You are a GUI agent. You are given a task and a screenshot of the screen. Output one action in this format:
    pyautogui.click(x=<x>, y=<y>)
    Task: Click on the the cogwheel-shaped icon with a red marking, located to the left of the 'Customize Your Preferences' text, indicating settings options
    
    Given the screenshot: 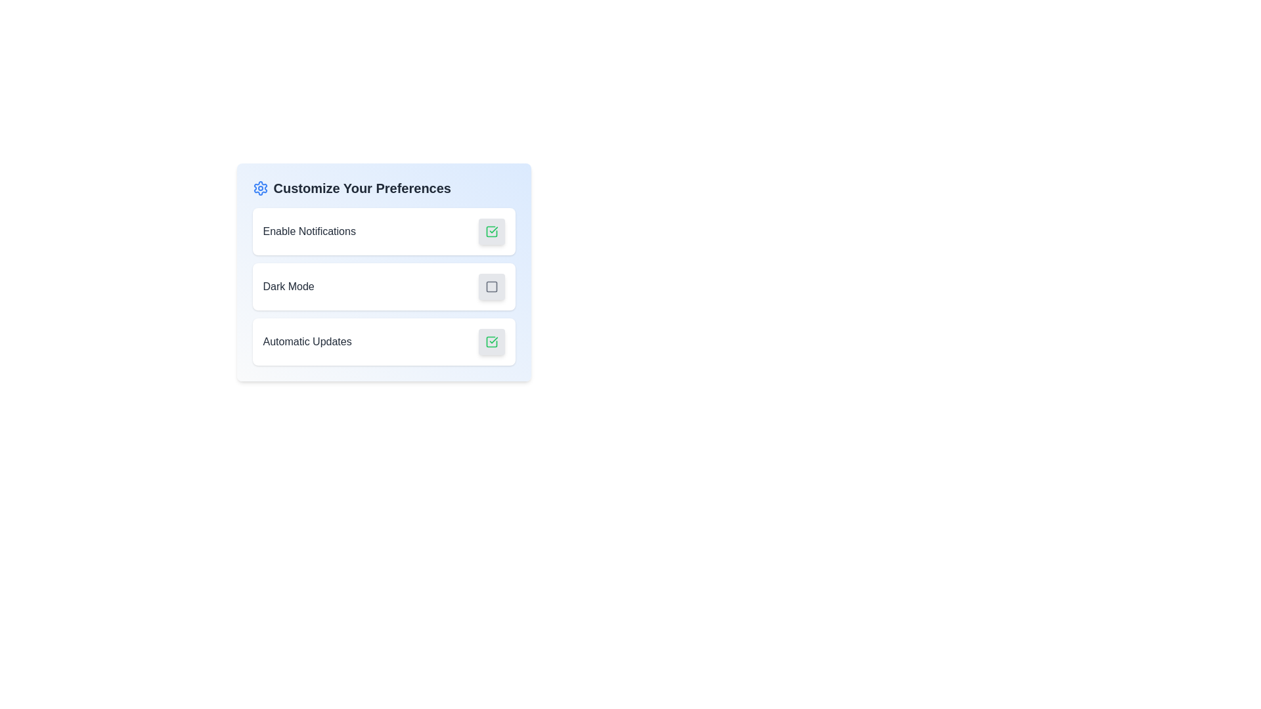 What is the action you would take?
    pyautogui.click(x=260, y=188)
    